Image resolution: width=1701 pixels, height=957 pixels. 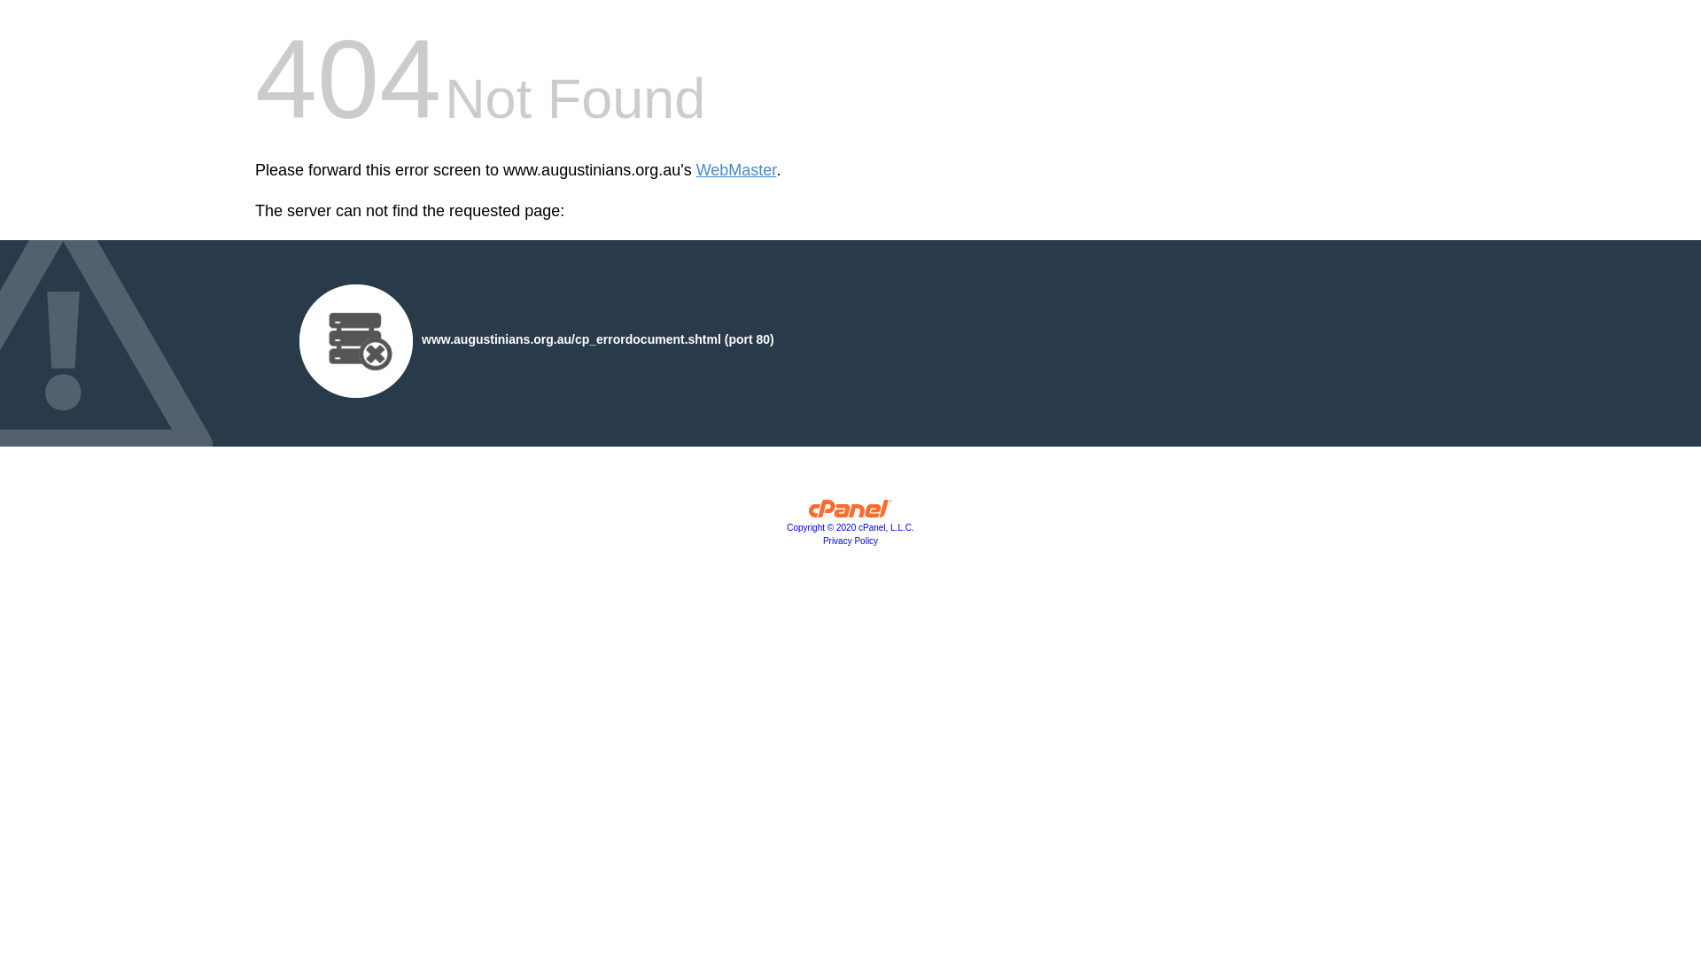 What do you see at coordinates (850, 512) in the screenshot?
I see `'cPanel, Inc.'` at bounding box center [850, 512].